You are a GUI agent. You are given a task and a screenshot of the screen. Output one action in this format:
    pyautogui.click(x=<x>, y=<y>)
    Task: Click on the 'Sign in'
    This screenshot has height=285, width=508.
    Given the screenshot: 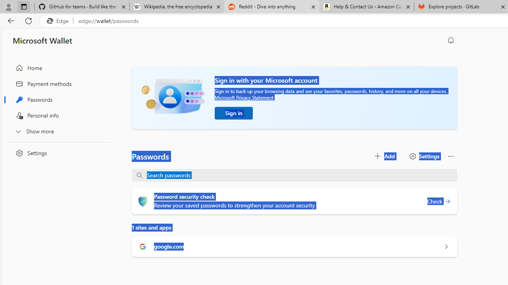 What is the action you would take?
    pyautogui.click(x=233, y=113)
    